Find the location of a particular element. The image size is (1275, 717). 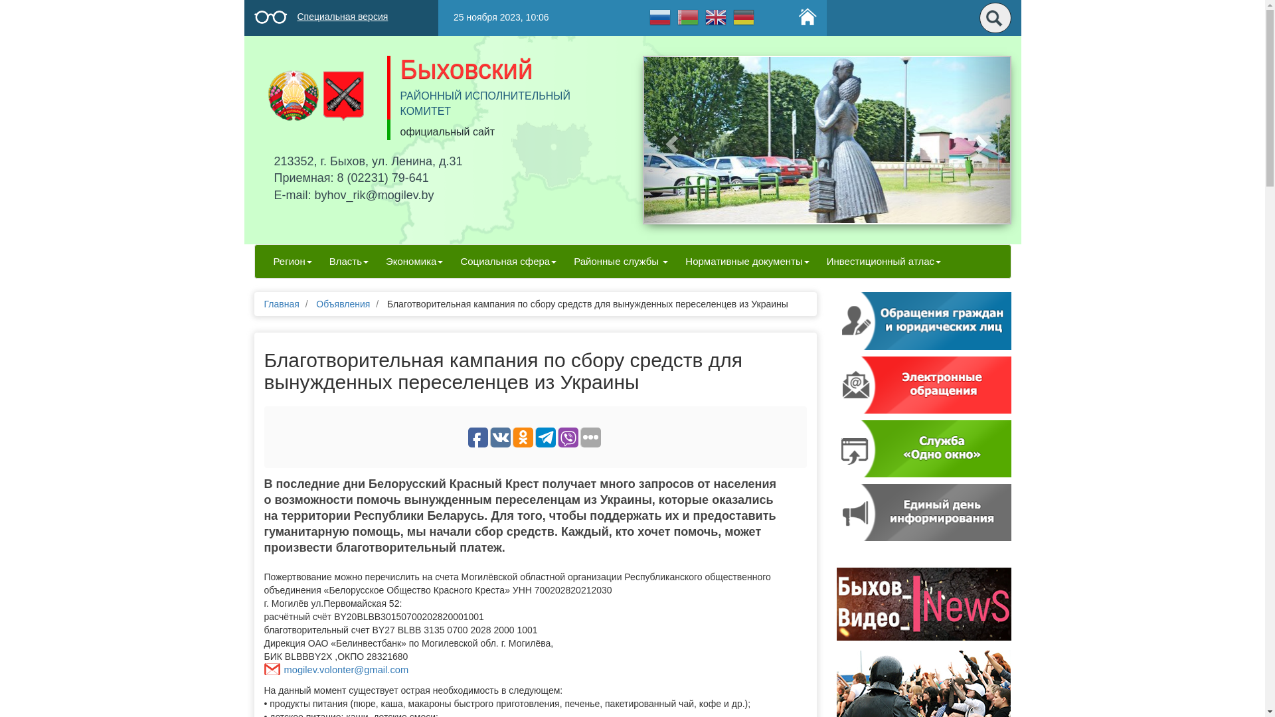

'German' is located at coordinates (728, 16).